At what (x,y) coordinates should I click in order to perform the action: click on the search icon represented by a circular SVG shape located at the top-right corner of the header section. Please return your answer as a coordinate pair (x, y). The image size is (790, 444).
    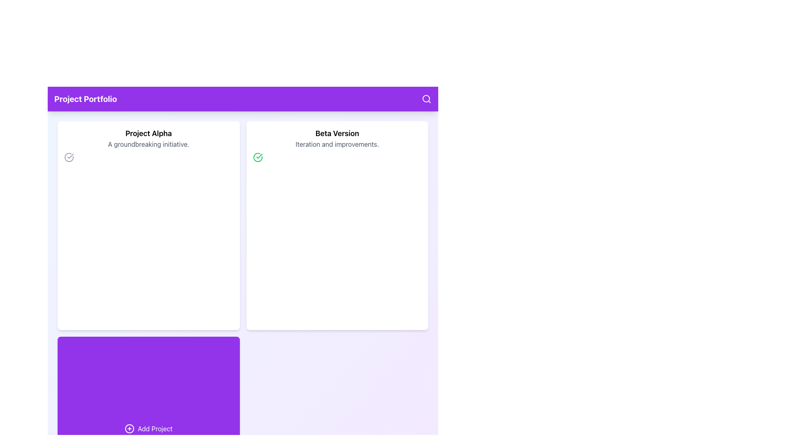
    Looking at the image, I should click on (426, 98).